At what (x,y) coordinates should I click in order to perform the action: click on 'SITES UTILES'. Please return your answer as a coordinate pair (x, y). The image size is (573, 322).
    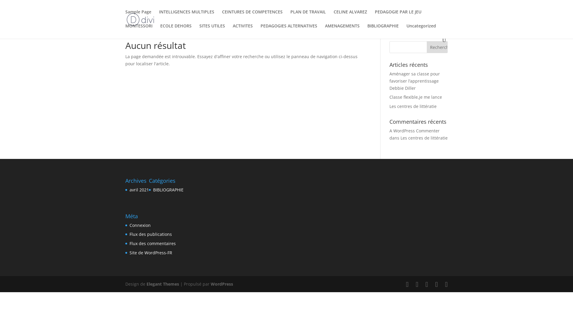
    Looking at the image, I should click on (212, 31).